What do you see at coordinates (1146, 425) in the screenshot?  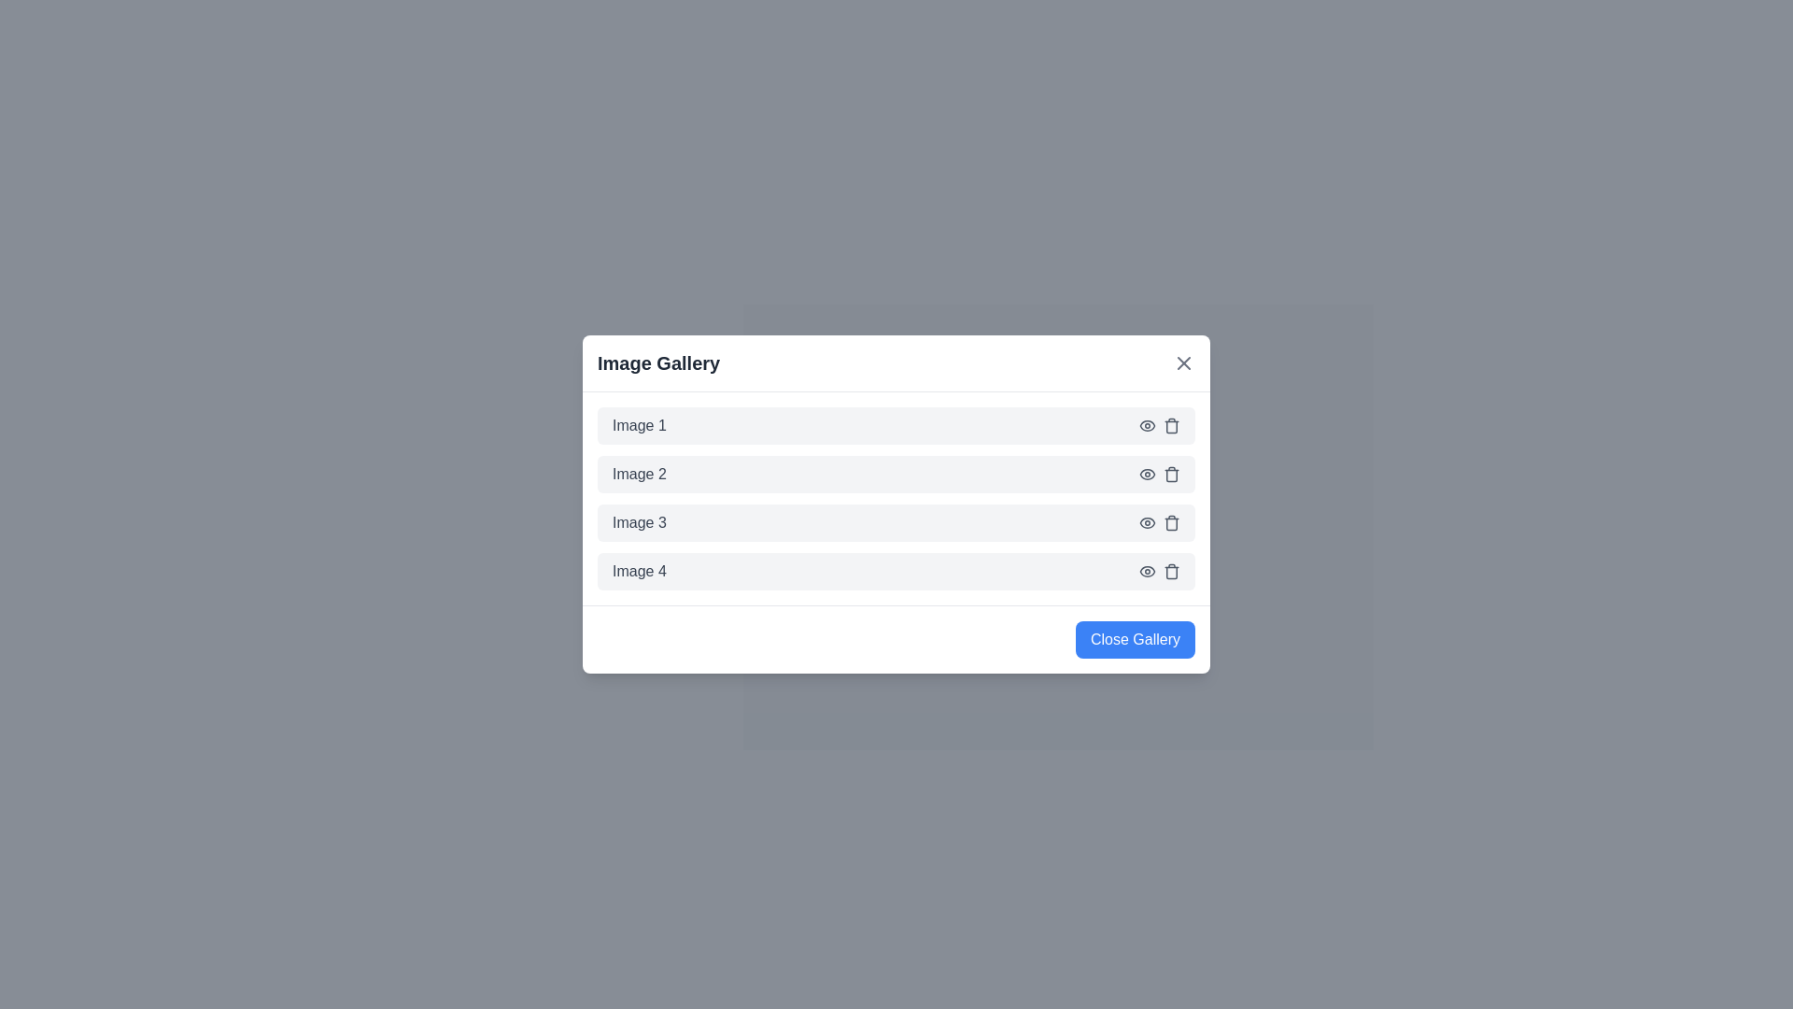 I see `the eye icon, which is the first icon in the horizontal row of action icons to the right of 'Image 1' in the 'Image Gallery' modal` at bounding box center [1146, 425].